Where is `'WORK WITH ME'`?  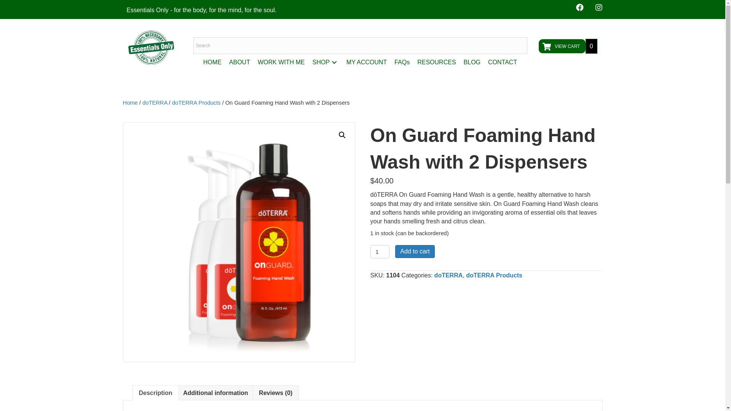 'WORK WITH ME' is located at coordinates (281, 62).